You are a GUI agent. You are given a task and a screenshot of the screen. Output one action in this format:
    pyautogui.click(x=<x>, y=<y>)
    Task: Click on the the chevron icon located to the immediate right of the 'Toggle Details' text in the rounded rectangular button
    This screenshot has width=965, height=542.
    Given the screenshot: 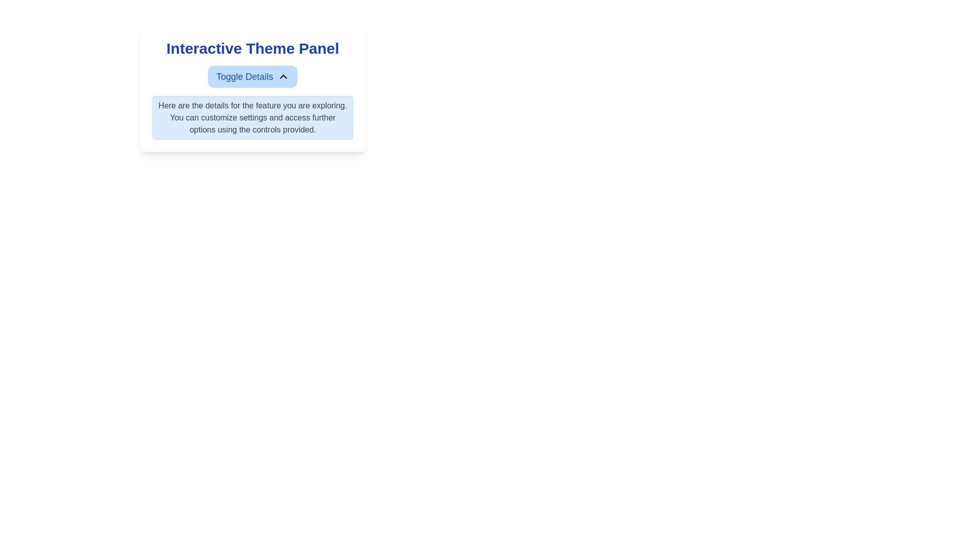 What is the action you would take?
    pyautogui.click(x=282, y=76)
    